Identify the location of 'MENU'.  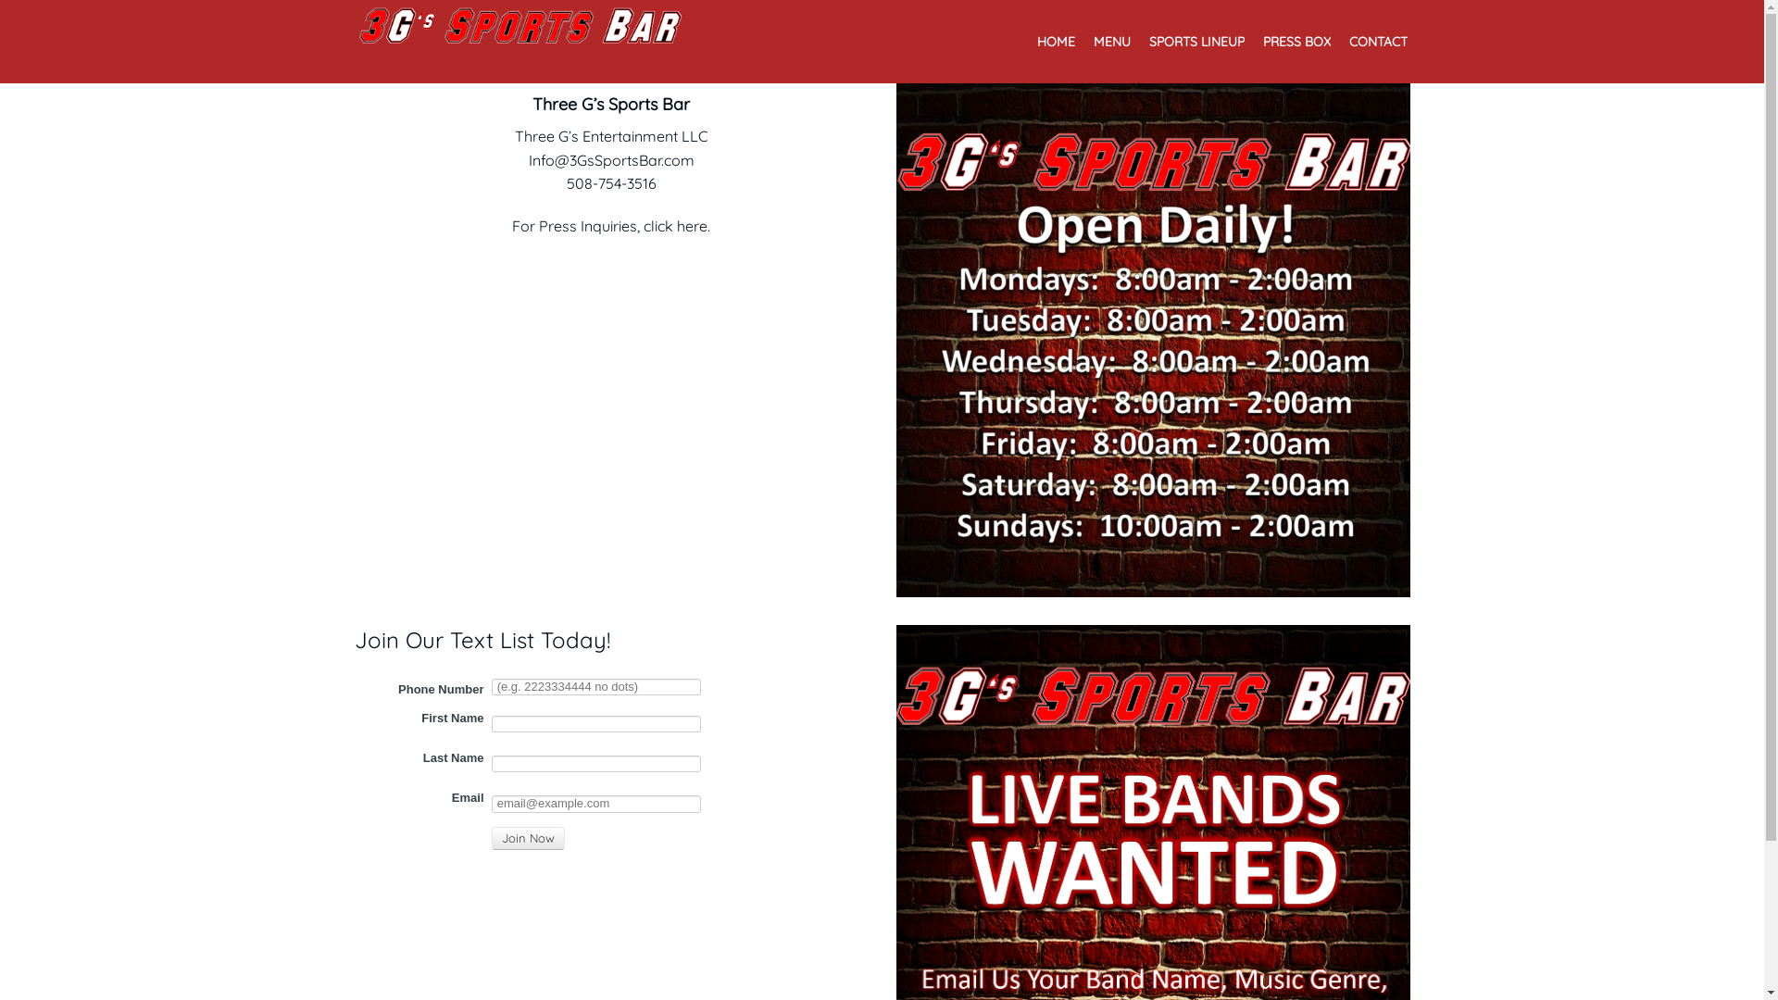
(1111, 45).